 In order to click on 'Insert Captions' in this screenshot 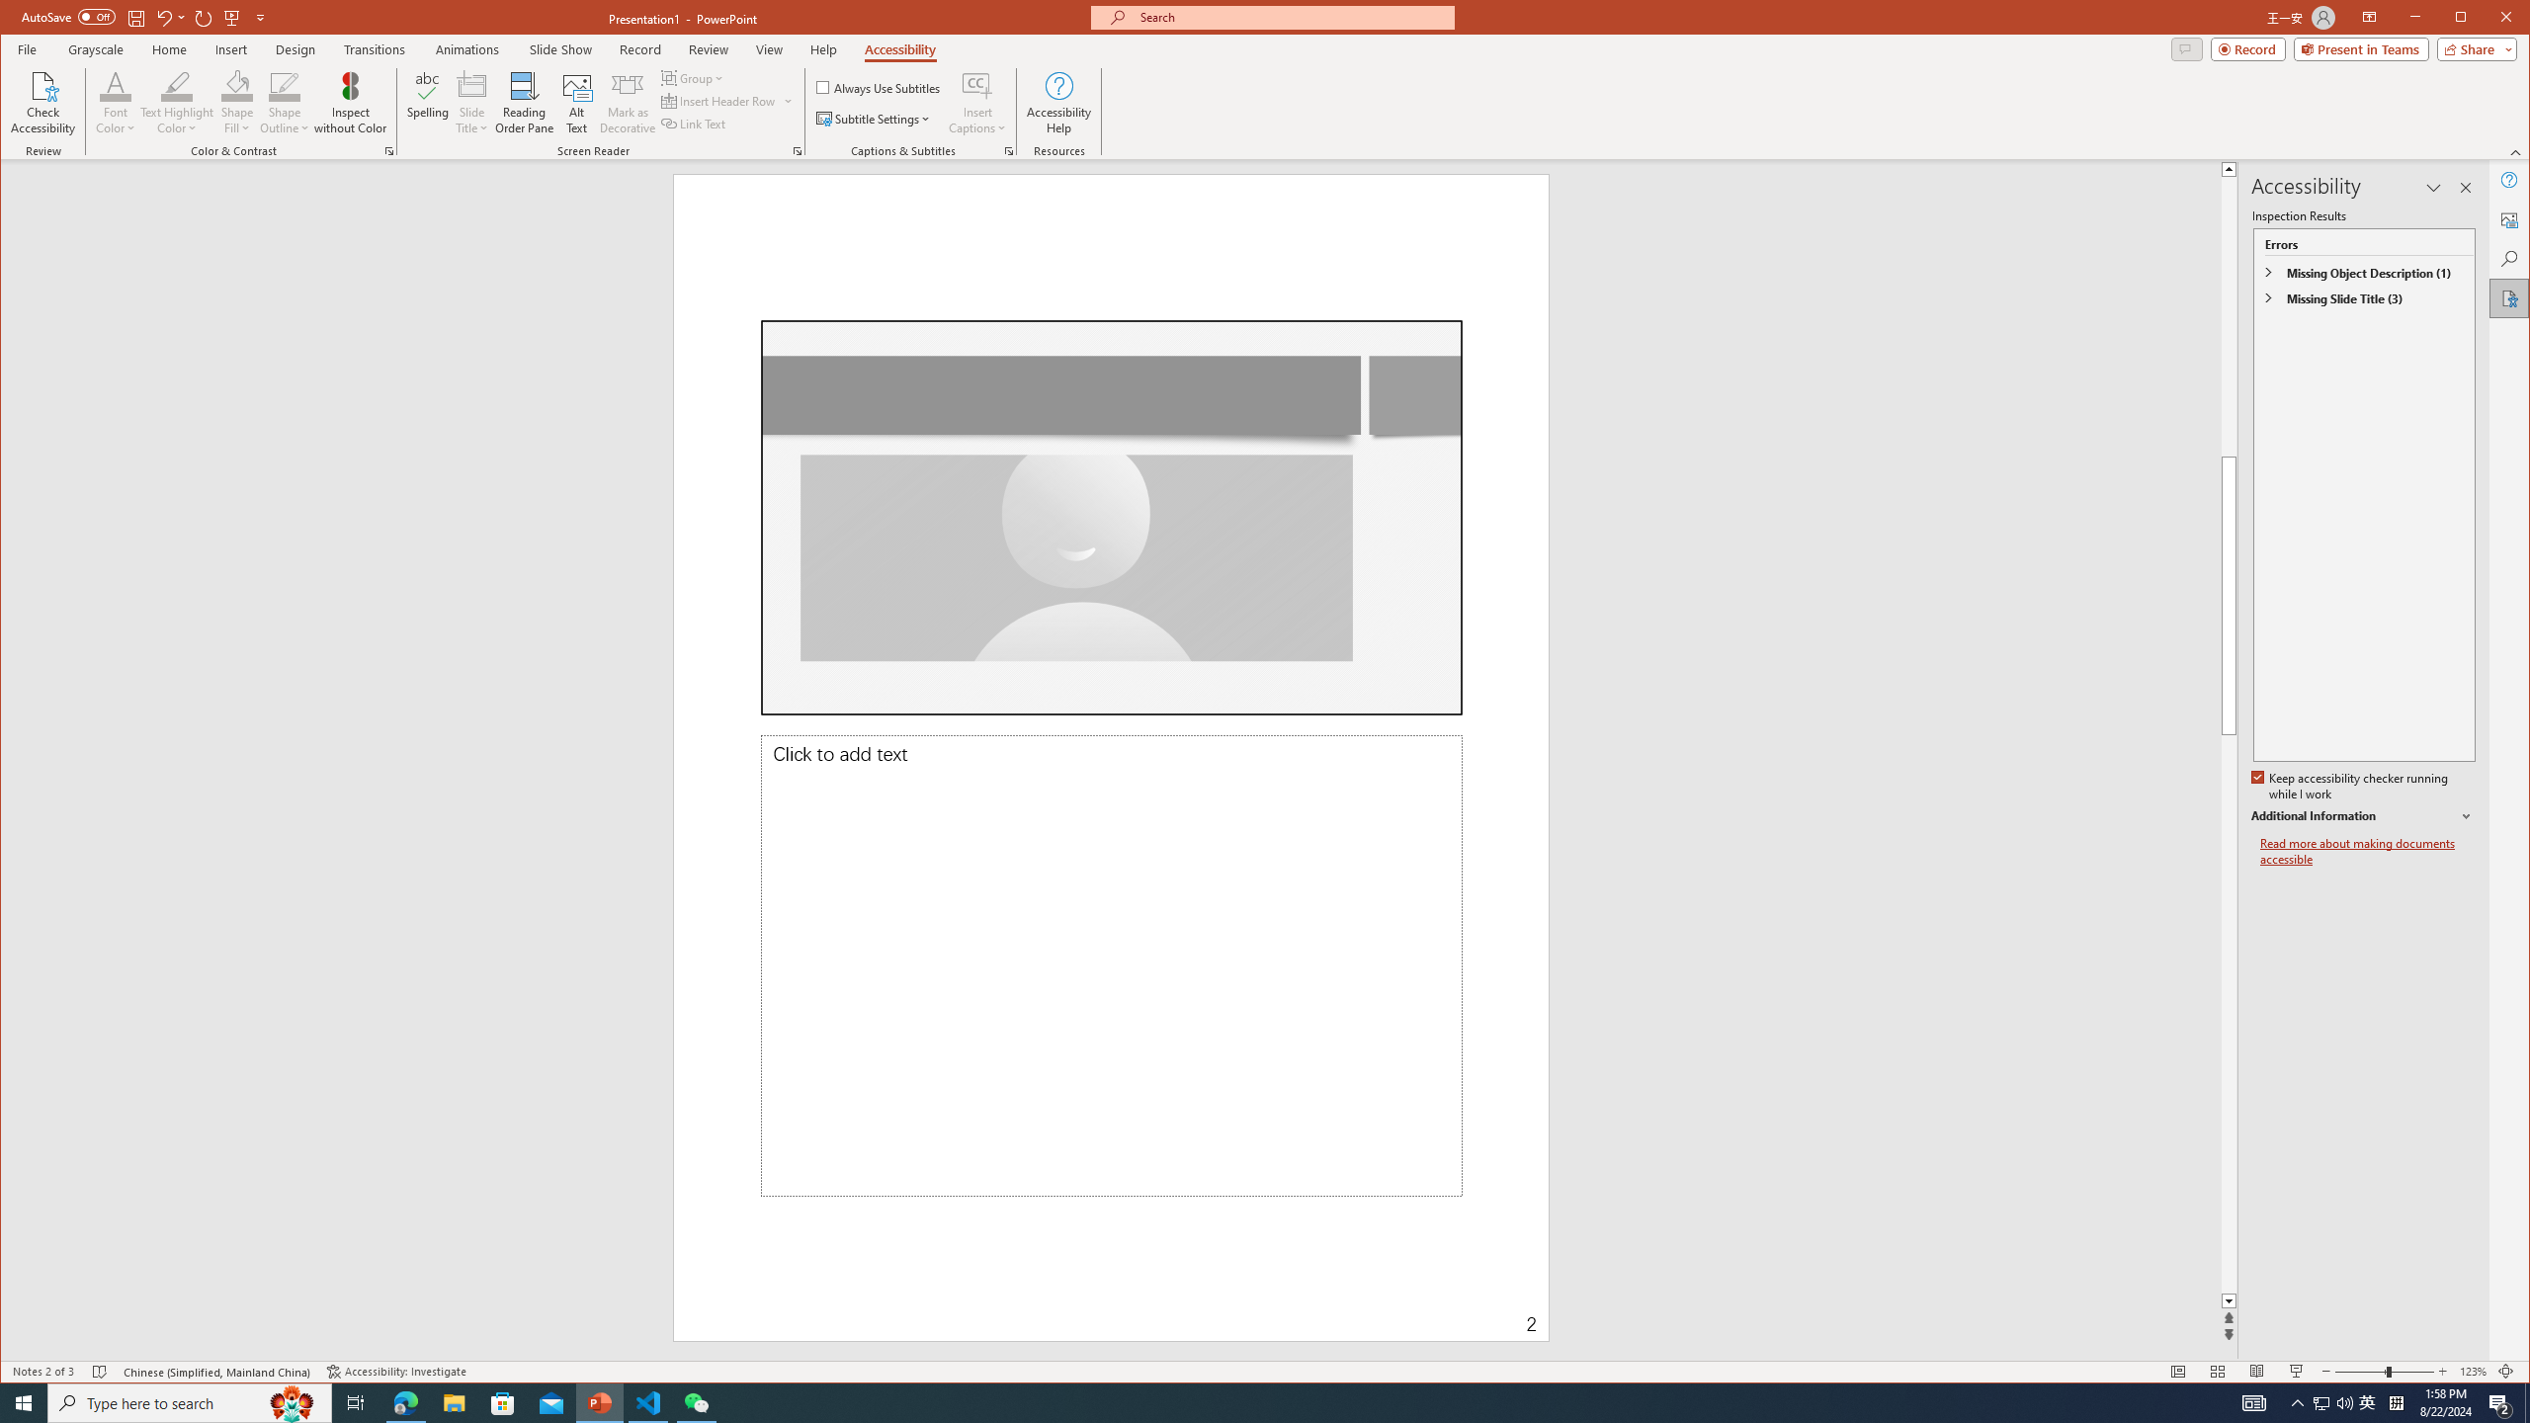, I will do `click(976, 102)`.